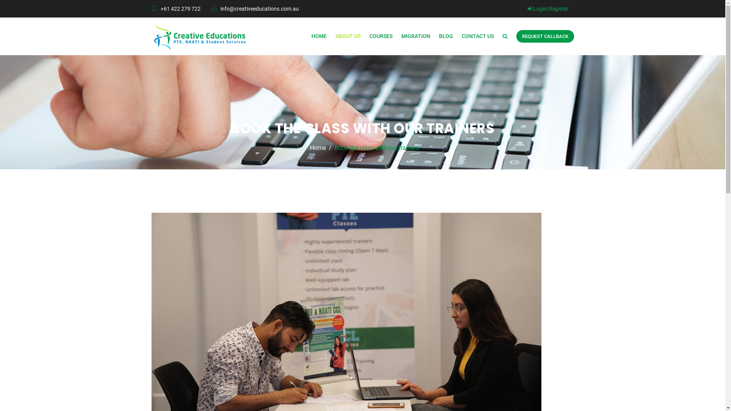 Image resolution: width=731 pixels, height=411 pixels. I want to click on 'Home', so click(318, 148).